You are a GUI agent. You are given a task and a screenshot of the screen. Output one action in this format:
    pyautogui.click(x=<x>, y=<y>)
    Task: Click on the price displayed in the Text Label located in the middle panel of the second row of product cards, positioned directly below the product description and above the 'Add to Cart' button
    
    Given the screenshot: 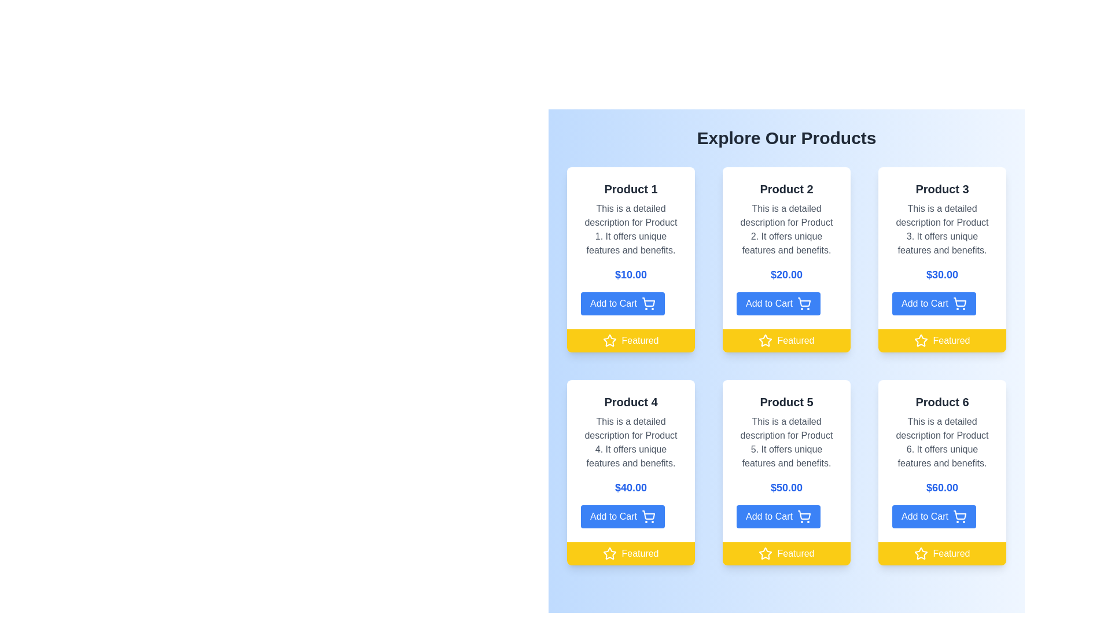 What is the action you would take?
    pyautogui.click(x=786, y=488)
    